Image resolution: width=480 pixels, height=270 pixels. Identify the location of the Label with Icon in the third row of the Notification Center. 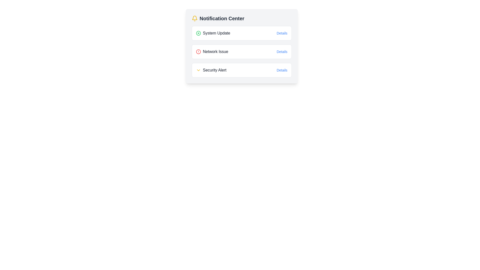
(211, 70).